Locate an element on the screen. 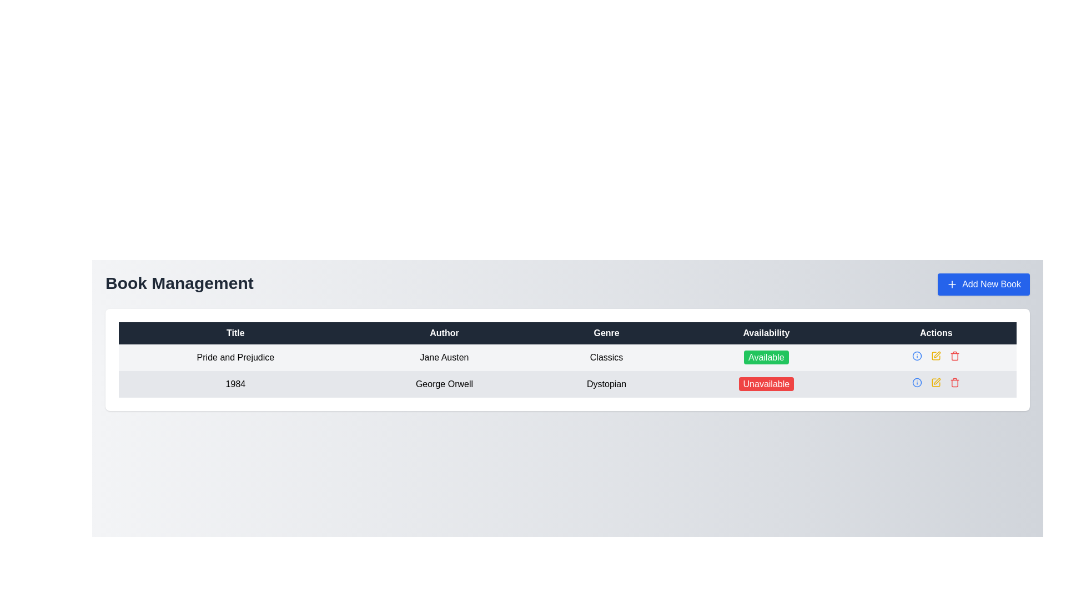 The width and height of the screenshot is (1066, 599). the text label that contains 'Pride and Prejudice', which is the first cell under the 'Title' column in the table is located at coordinates (235, 357).